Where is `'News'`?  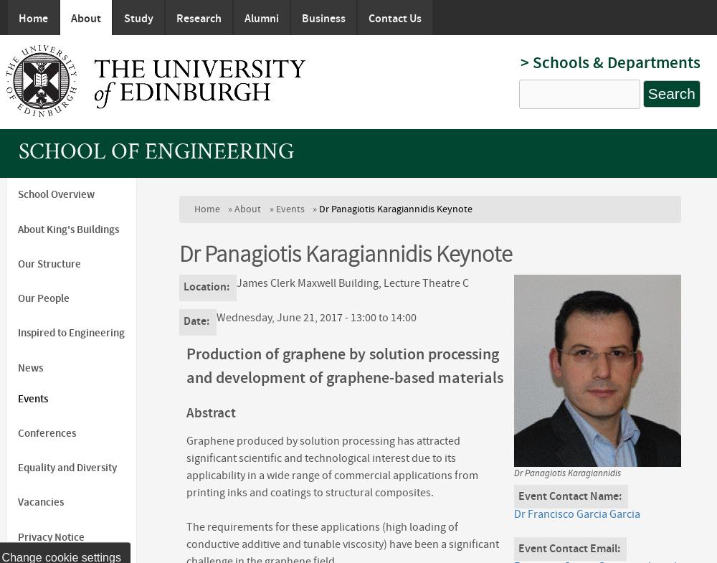
'News' is located at coordinates (30, 367).